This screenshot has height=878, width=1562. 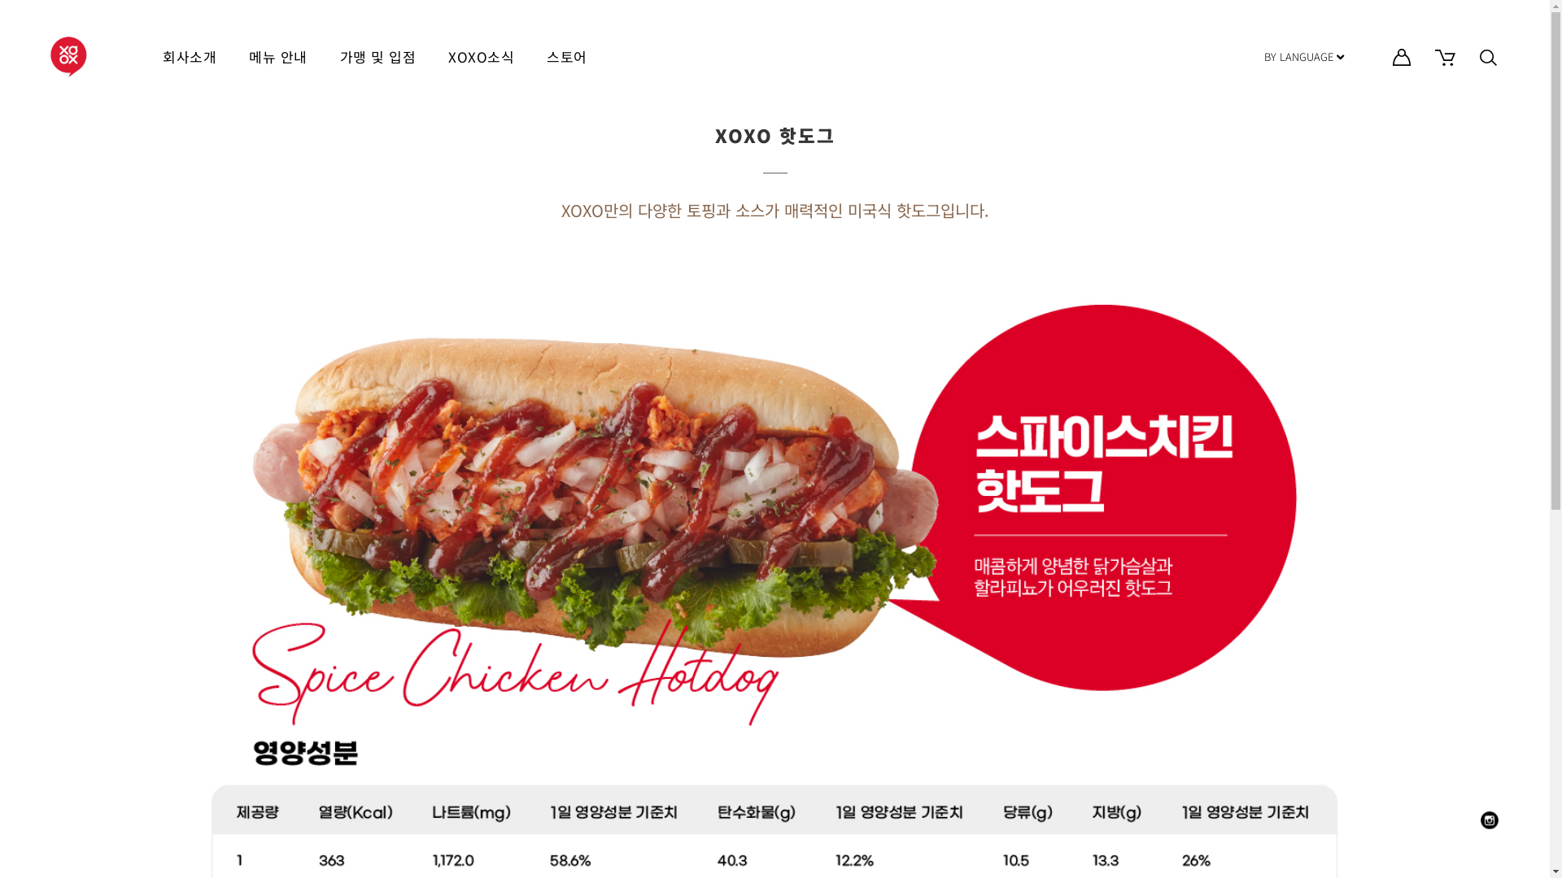 What do you see at coordinates (1304, 56) in the screenshot?
I see `'BY LANGUAGE'` at bounding box center [1304, 56].